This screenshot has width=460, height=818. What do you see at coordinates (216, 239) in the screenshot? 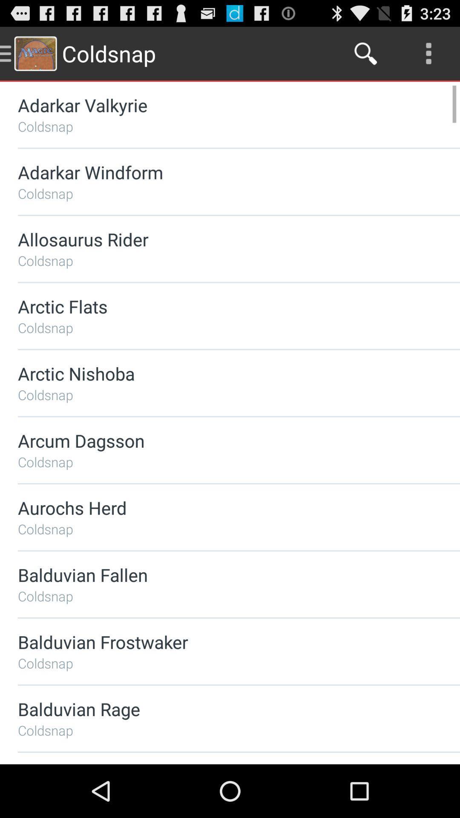
I see `the allosaurus rider icon` at bounding box center [216, 239].